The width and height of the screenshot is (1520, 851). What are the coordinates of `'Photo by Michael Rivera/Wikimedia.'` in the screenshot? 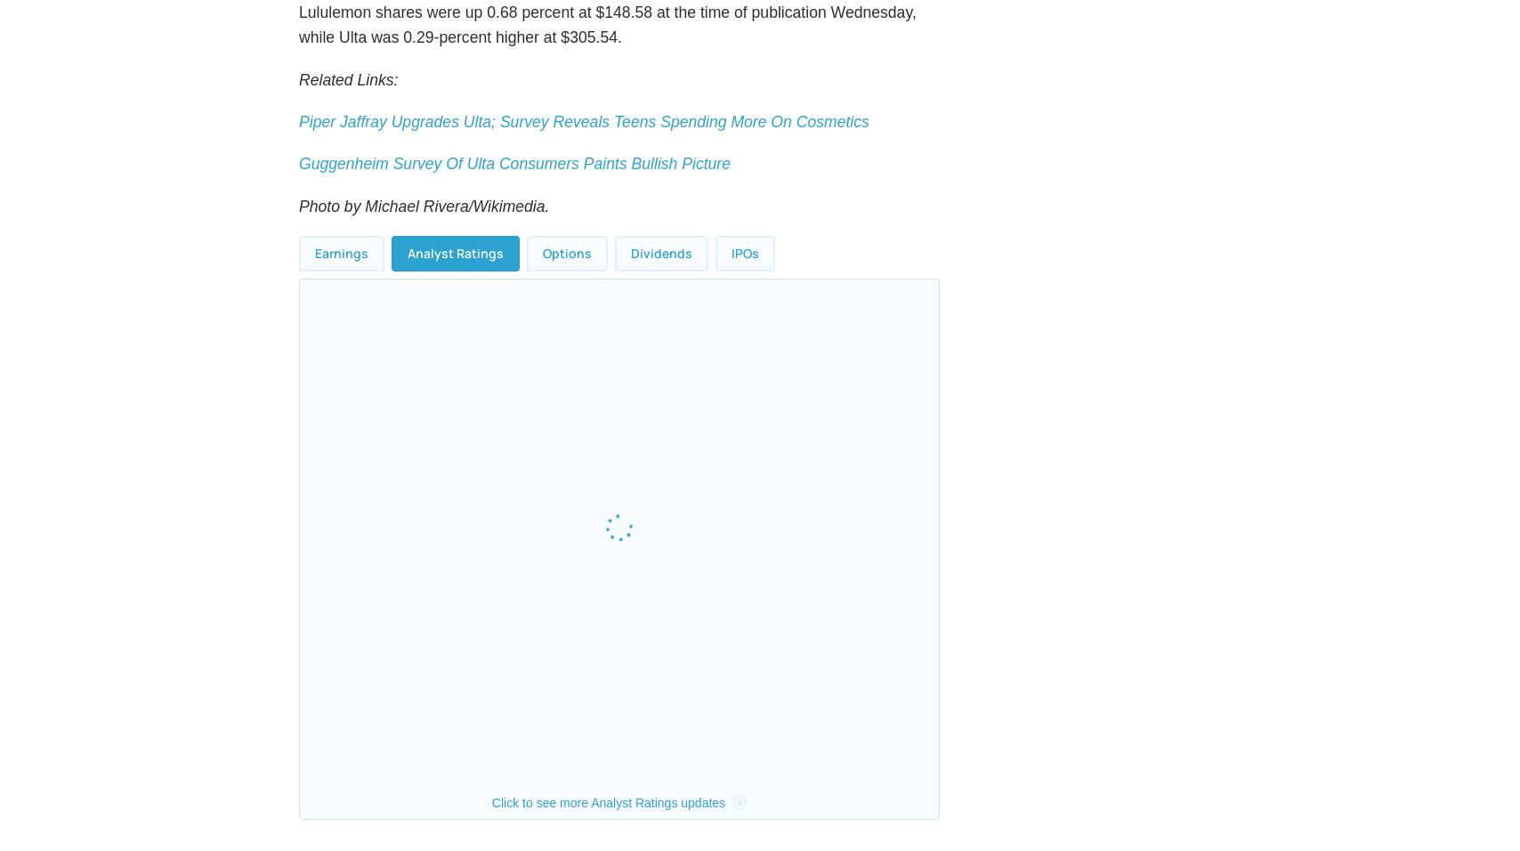 It's located at (424, 247).